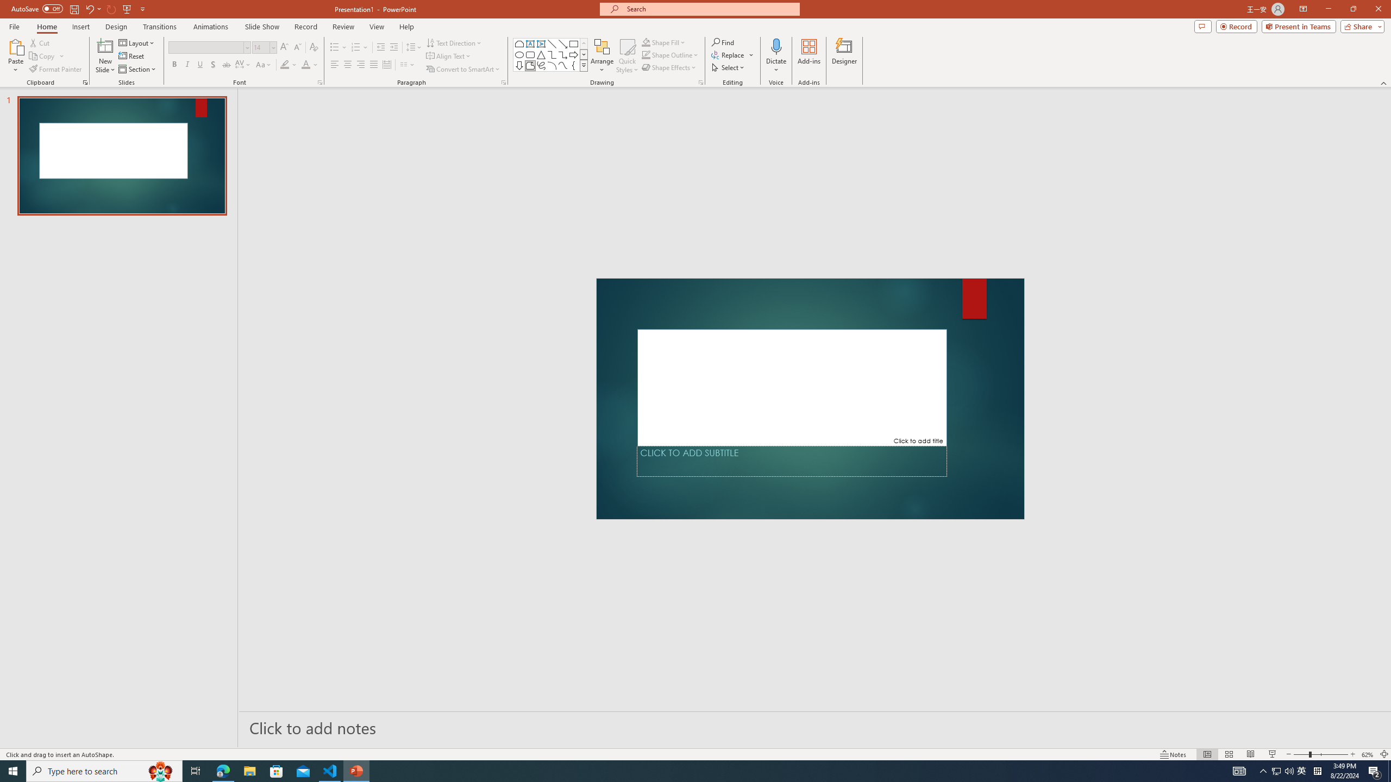 The width and height of the screenshot is (1391, 782). What do you see at coordinates (1367, 754) in the screenshot?
I see `'Zoom 62%'` at bounding box center [1367, 754].